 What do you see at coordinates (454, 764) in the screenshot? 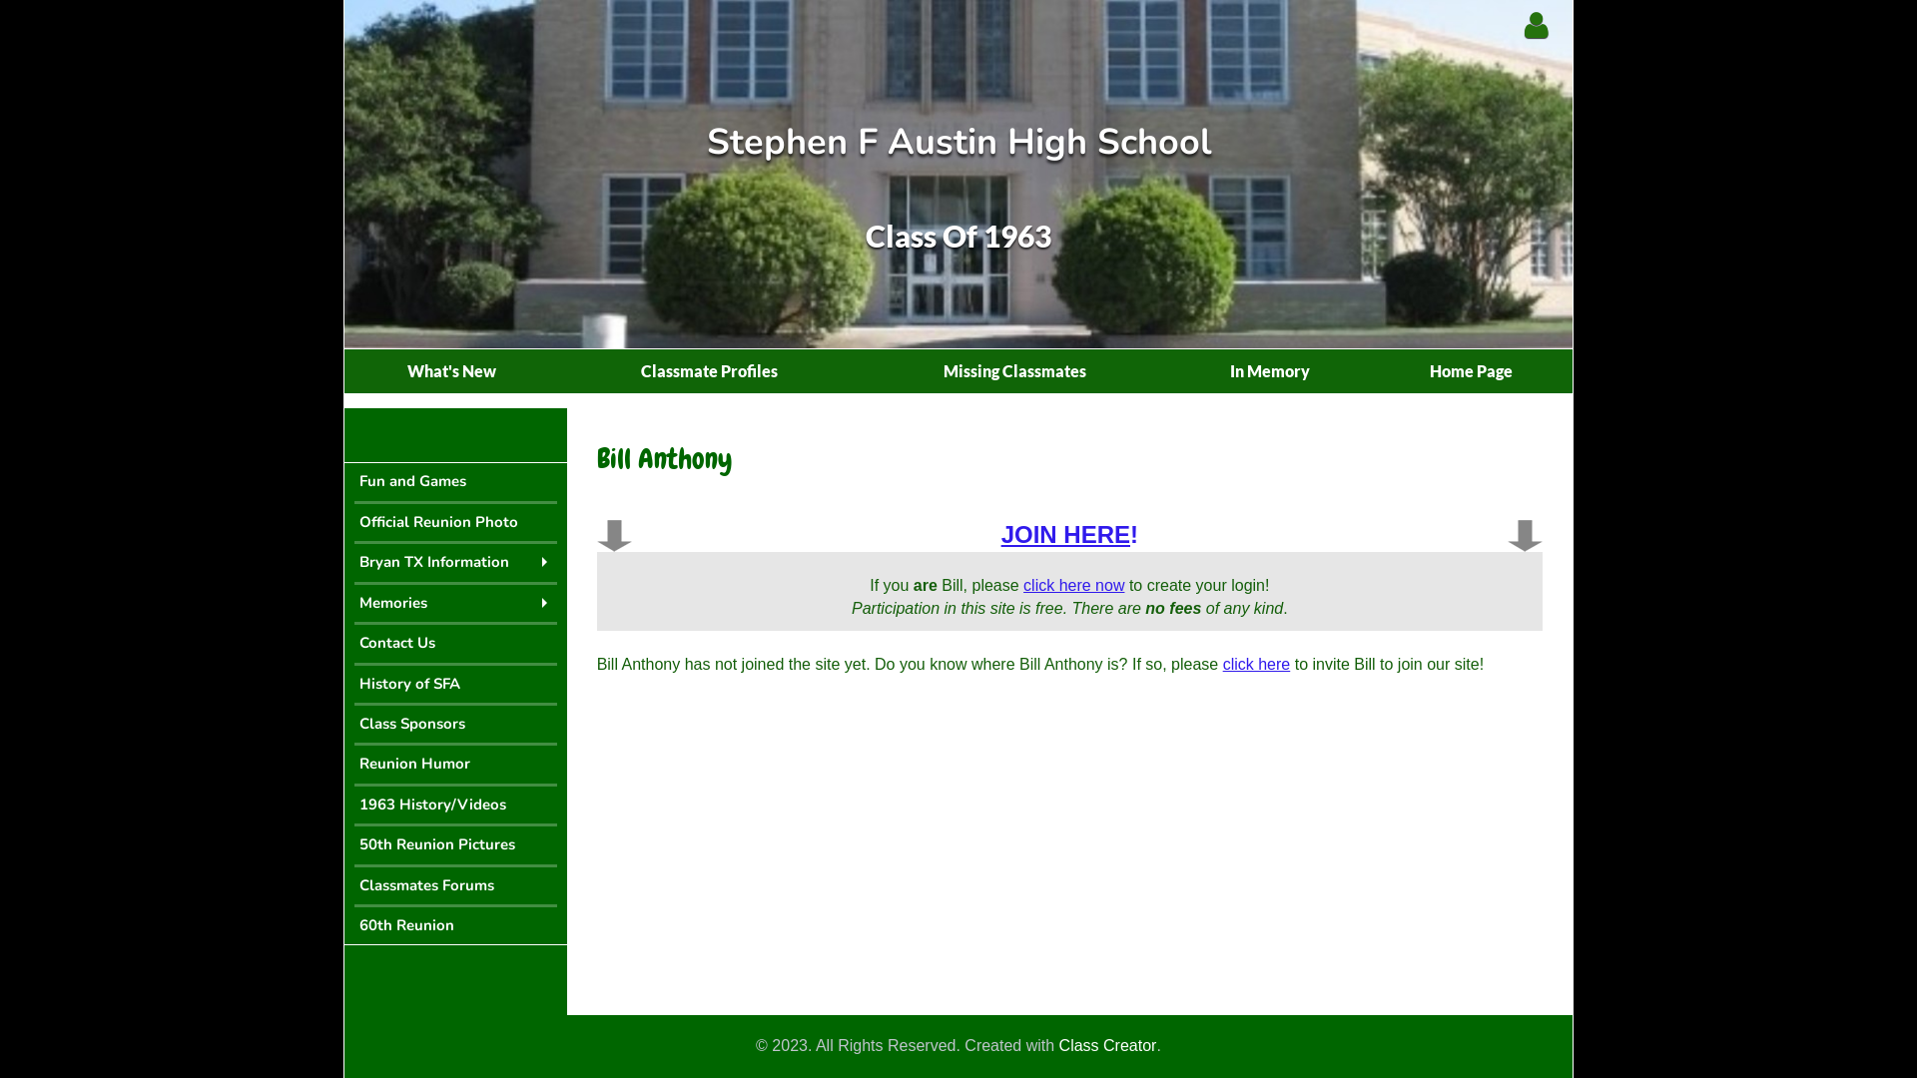
I see `'Reunion Humor'` at bounding box center [454, 764].